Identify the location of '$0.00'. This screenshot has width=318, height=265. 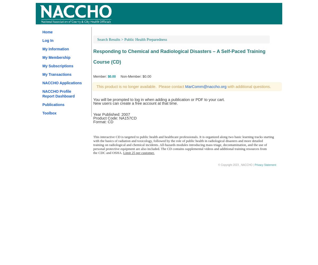
(111, 77).